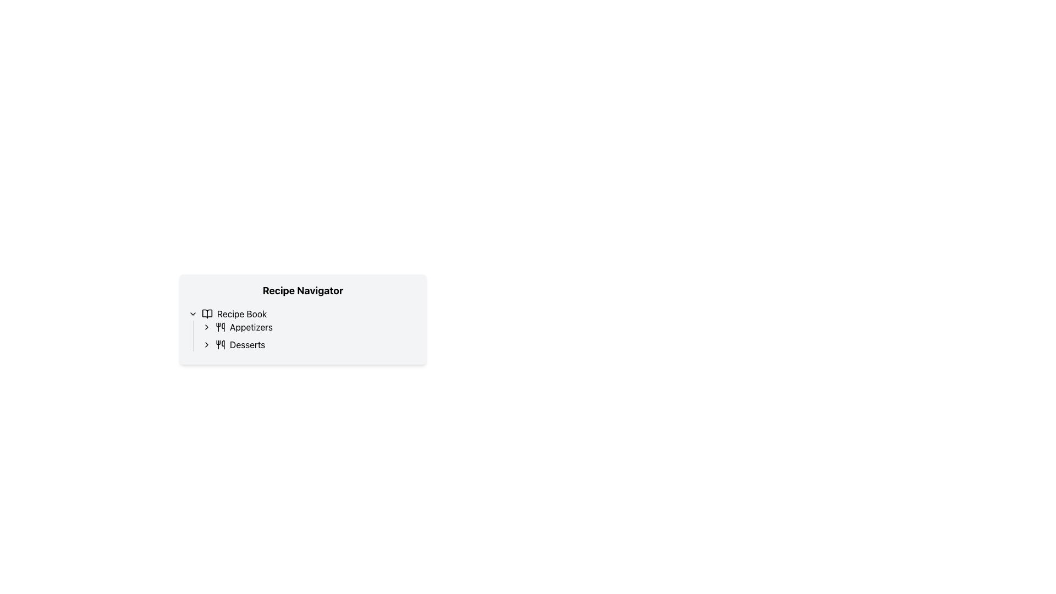 The image size is (1056, 594). What do you see at coordinates (222, 344) in the screenshot?
I see `the decorative graphical icon component representing the 'Desserts' category in the recipe types list` at bounding box center [222, 344].